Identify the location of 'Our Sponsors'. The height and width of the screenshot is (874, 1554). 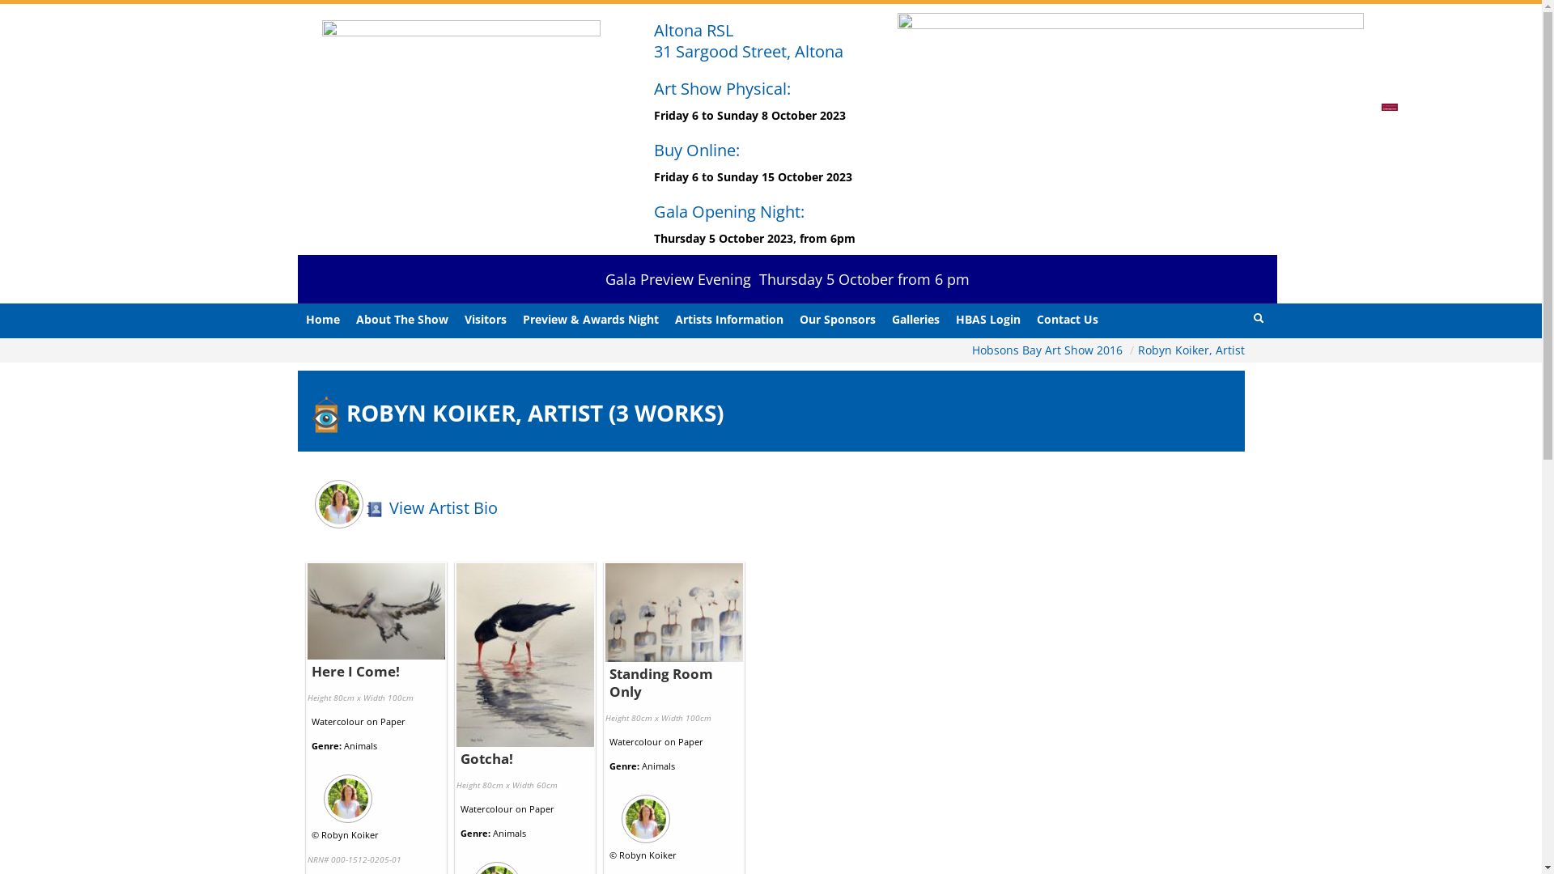
(838, 319).